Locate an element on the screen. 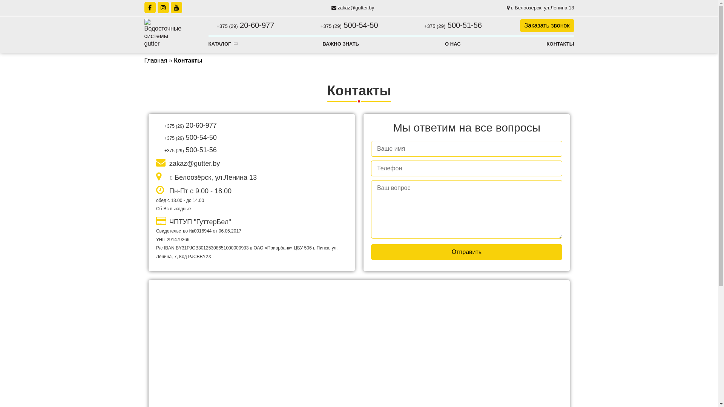  'youtube' is located at coordinates (175, 7).